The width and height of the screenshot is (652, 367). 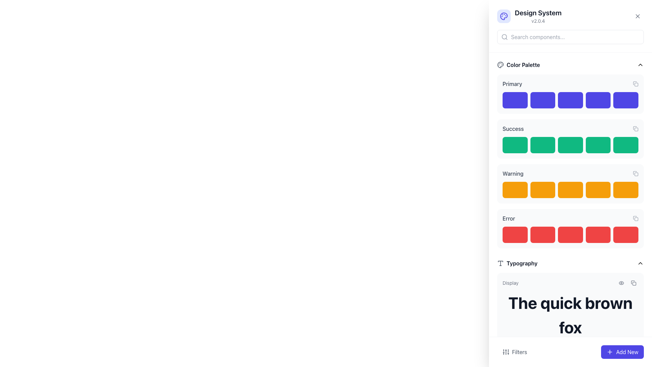 I want to click on the gray icon button resembling a copy functionality located at the top-right corner of the 'Warning' section, so click(x=635, y=173).